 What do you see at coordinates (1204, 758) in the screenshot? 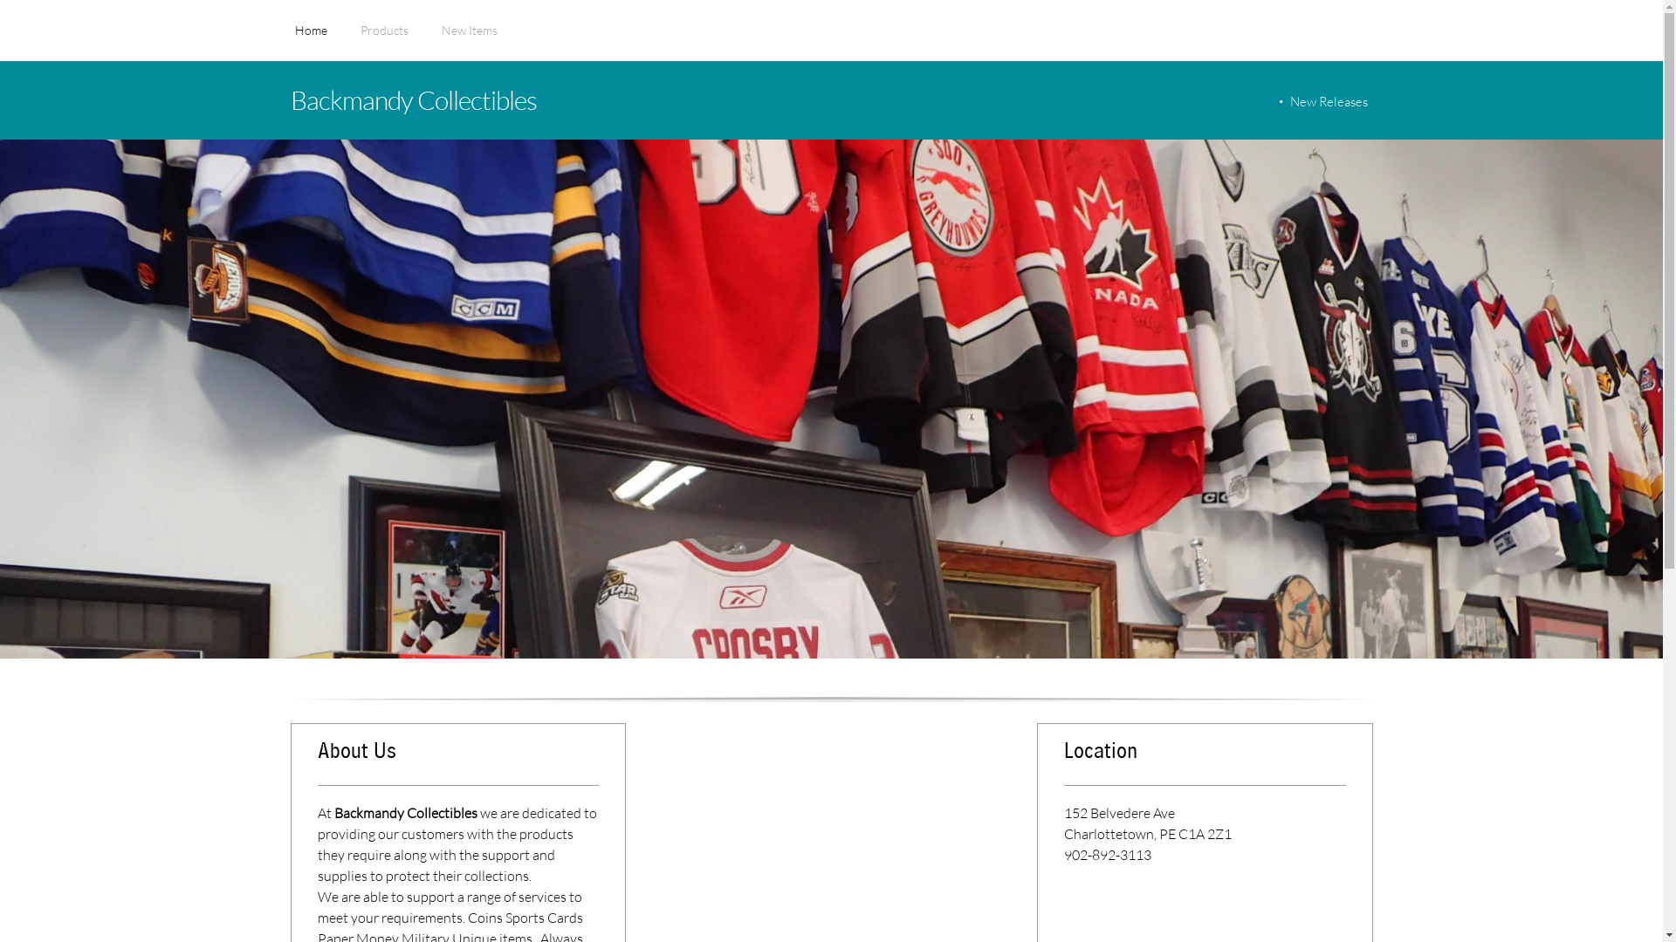
I see `'Location'` at bounding box center [1204, 758].